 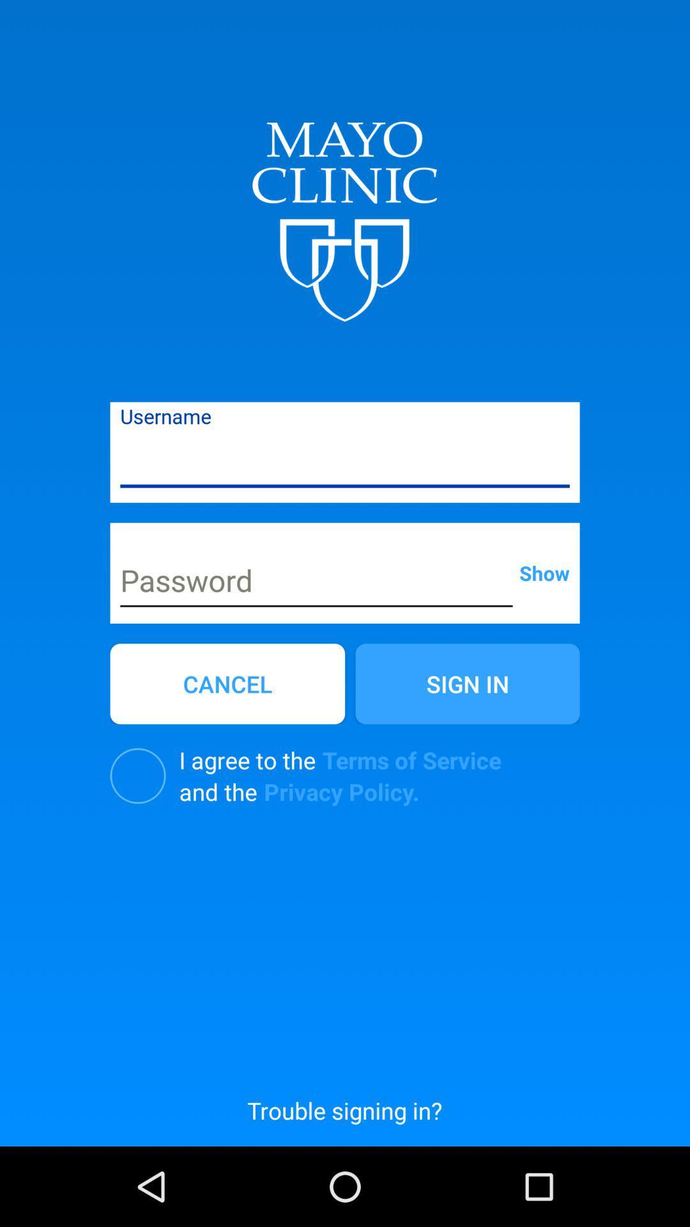 I want to click on the icon below cancel, so click(x=138, y=775).